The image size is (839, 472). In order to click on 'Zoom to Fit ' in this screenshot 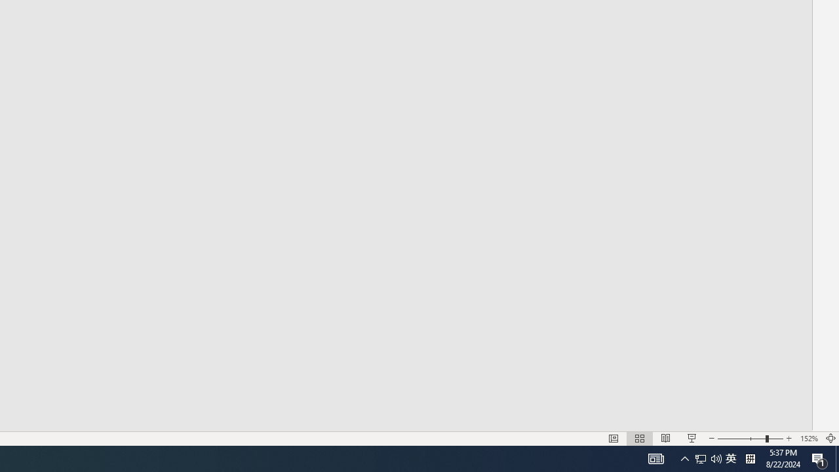, I will do `click(830, 439)`.